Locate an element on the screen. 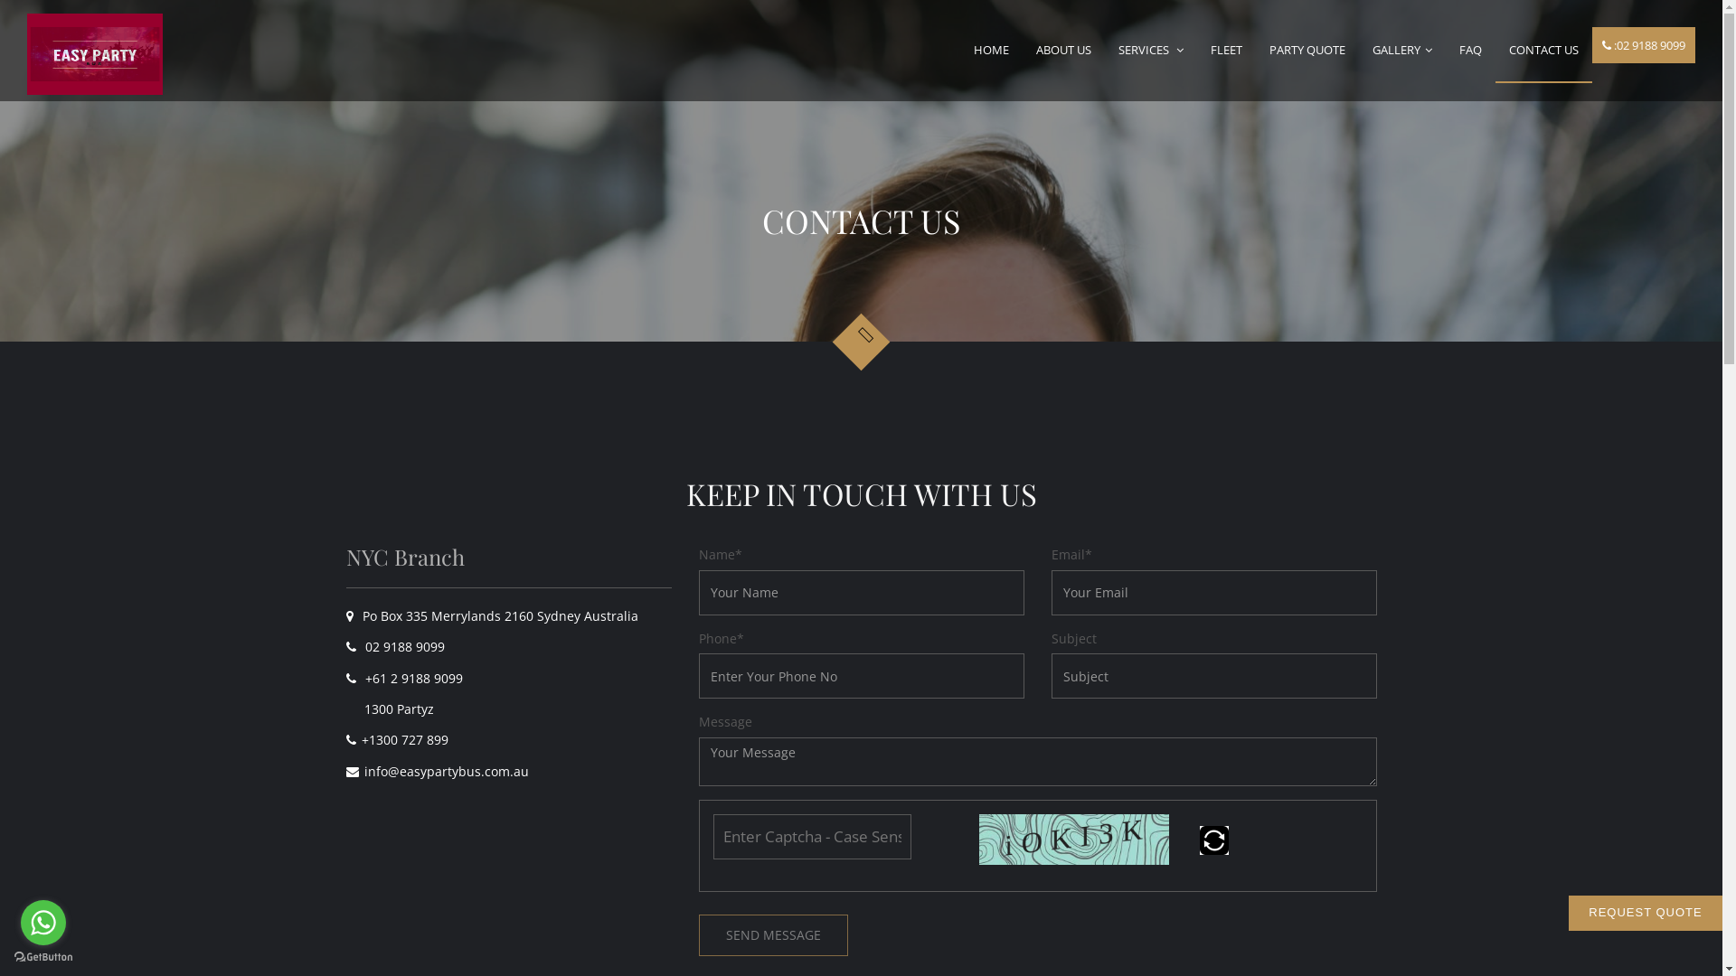  'info@easypartybus.com.au' is located at coordinates (363, 771).